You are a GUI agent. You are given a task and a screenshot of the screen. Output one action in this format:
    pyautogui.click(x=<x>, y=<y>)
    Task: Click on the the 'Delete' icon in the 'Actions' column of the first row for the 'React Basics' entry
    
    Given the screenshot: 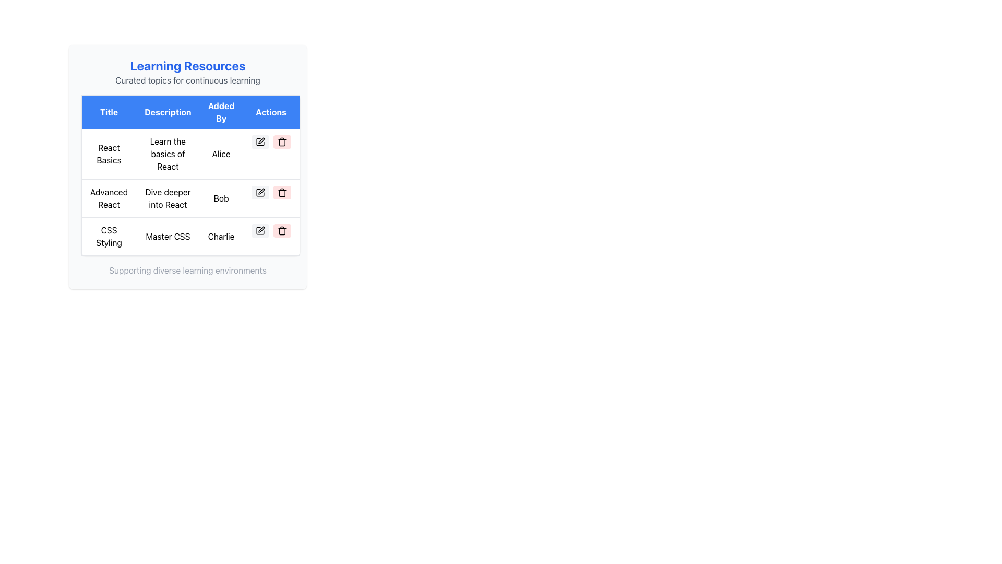 What is the action you would take?
    pyautogui.click(x=282, y=142)
    